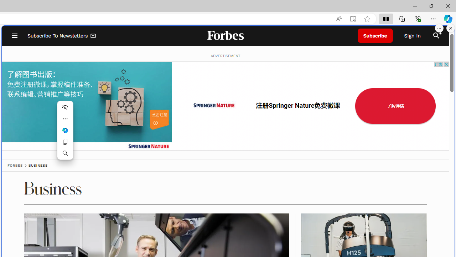 The height and width of the screenshot is (257, 456). I want to click on 'Mini menu on text selection', so click(65, 130).